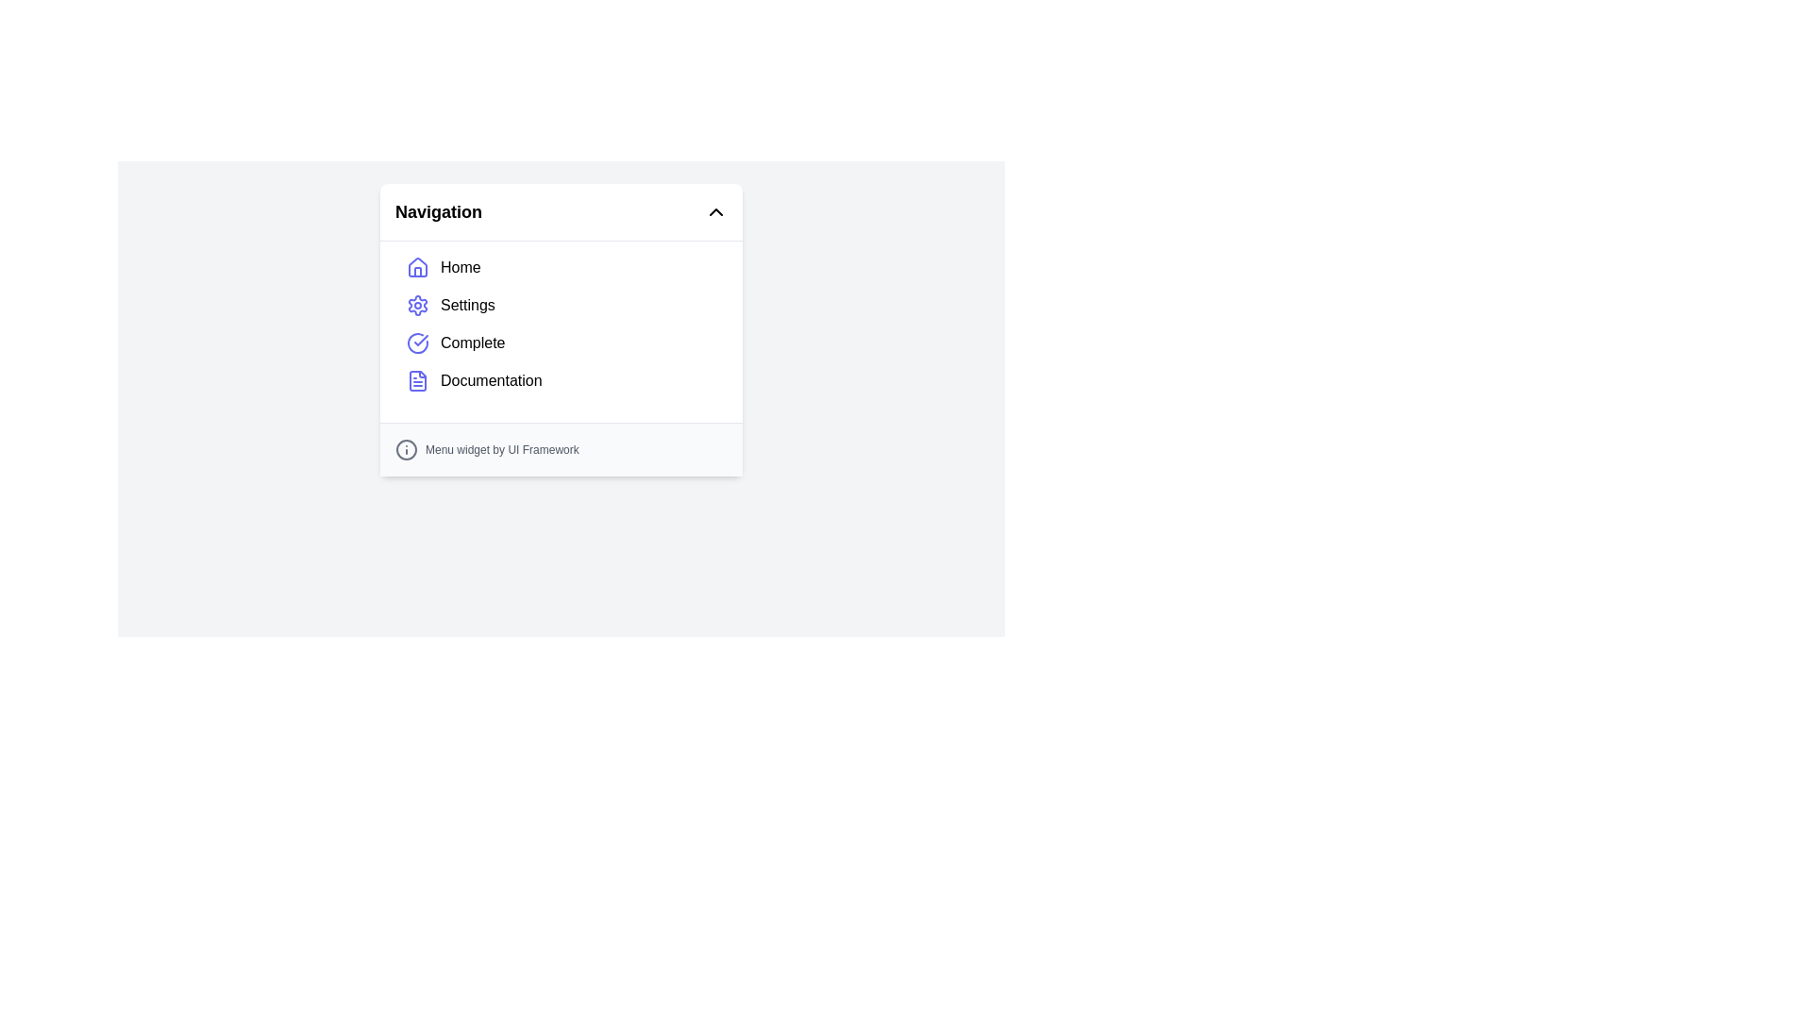 The height and width of the screenshot is (1019, 1812). What do you see at coordinates (416, 268) in the screenshot?
I see `the 'Home' navigation icon located near the top-left corner of the navigation menu, to the left of the text 'Home'` at bounding box center [416, 268].